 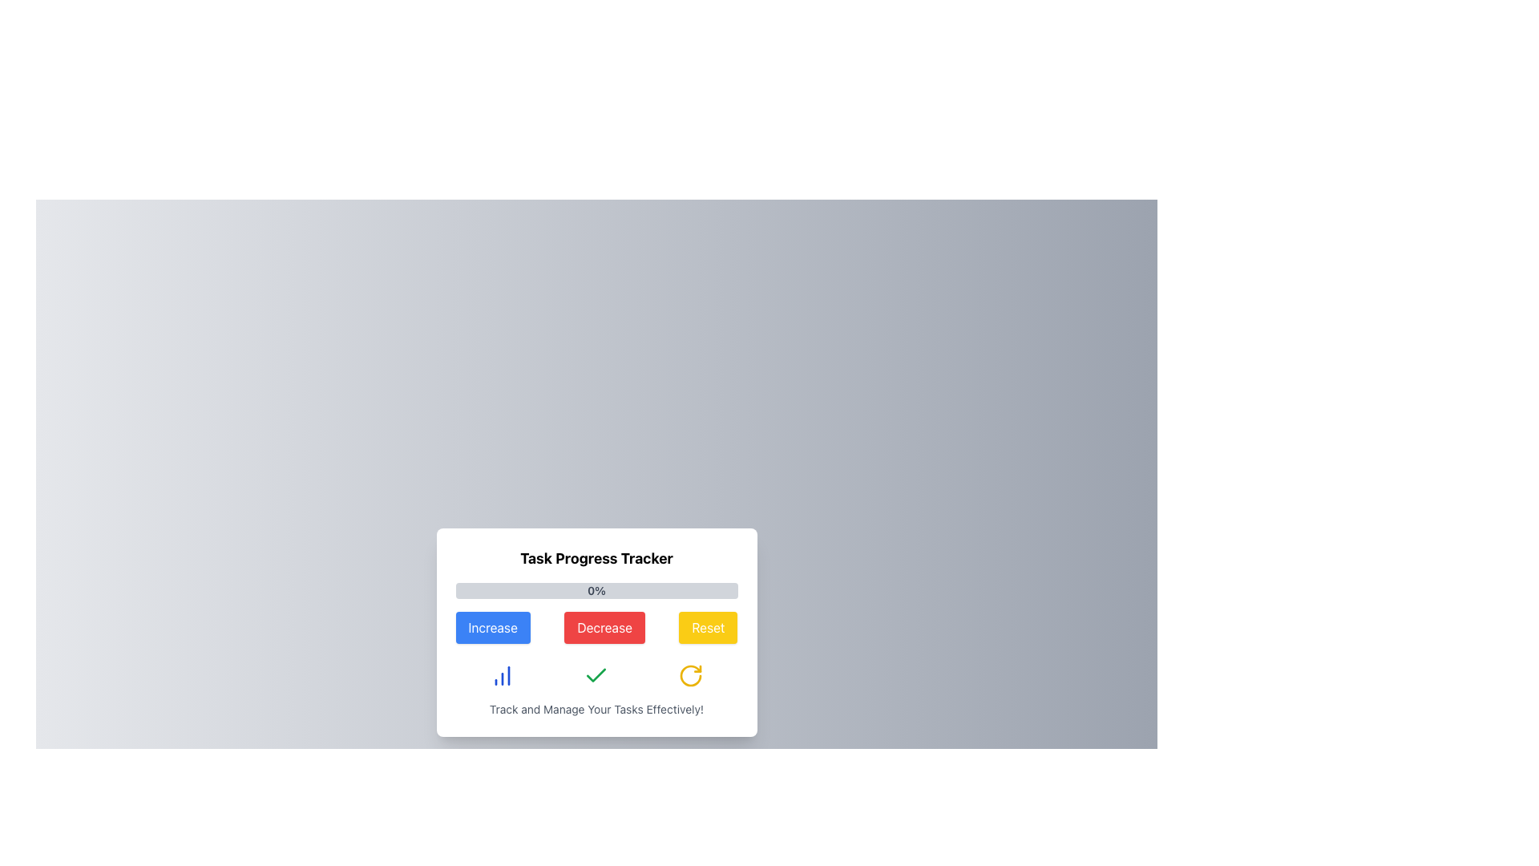 What do you see at coordinates (596, 676) in the screenshot?
I see `the affirmation icon located in the lower section of the interface, between the blue bar chart icon and the yellow circular arrow icon` at bounding box center [596, 676].